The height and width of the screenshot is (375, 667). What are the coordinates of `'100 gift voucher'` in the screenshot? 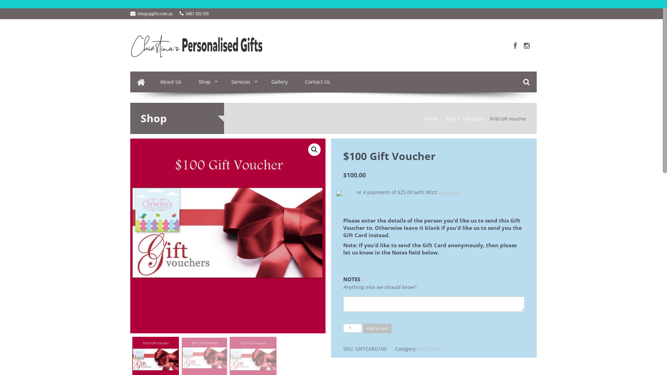 It's located at (228, 235).